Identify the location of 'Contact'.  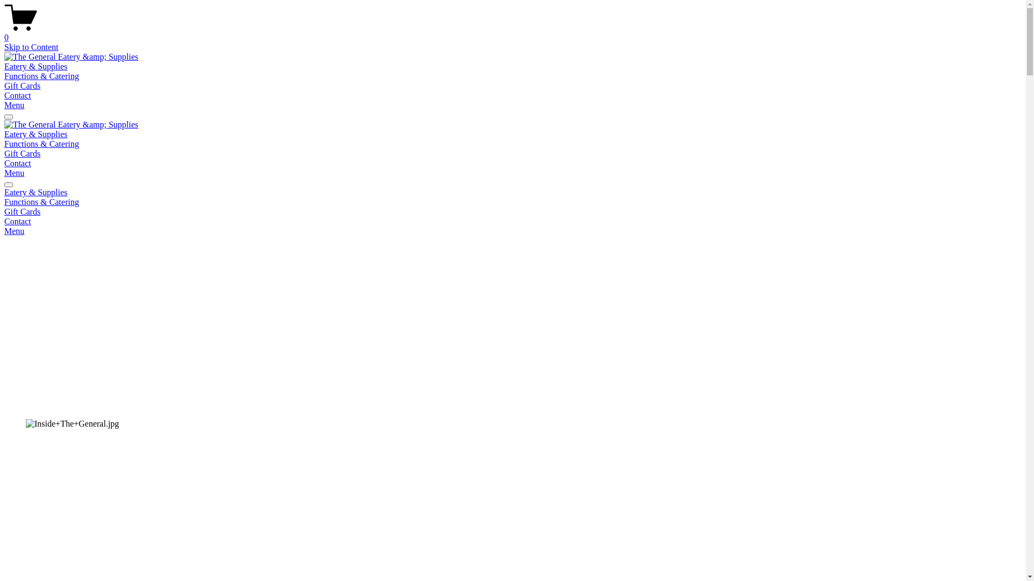
(18, 95).